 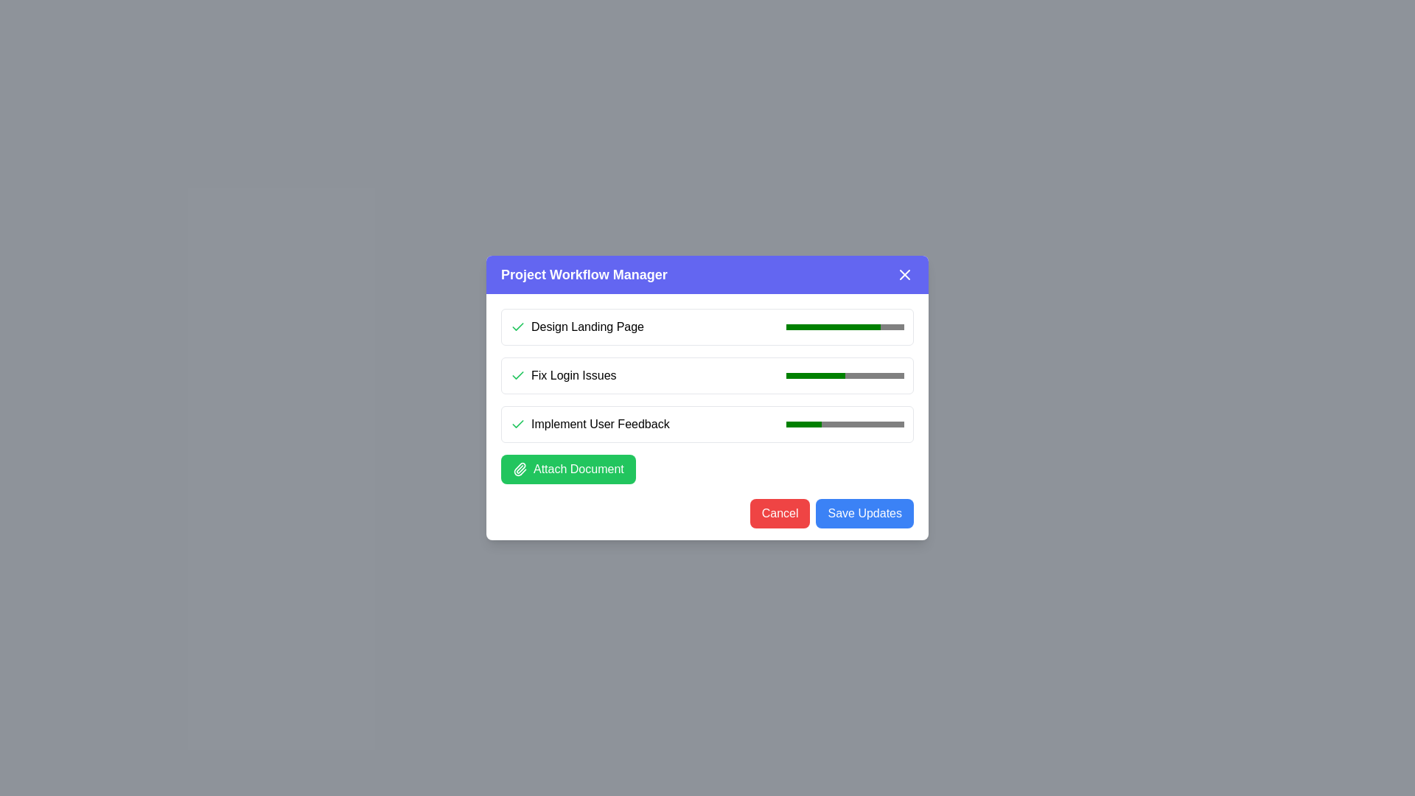 I want to click on the percentage of completion of the progress bar located in the 'Fix Login Issues' section, which is a thin, horizontally rectangular strip with rounded ends, so click(x=845, y=374).